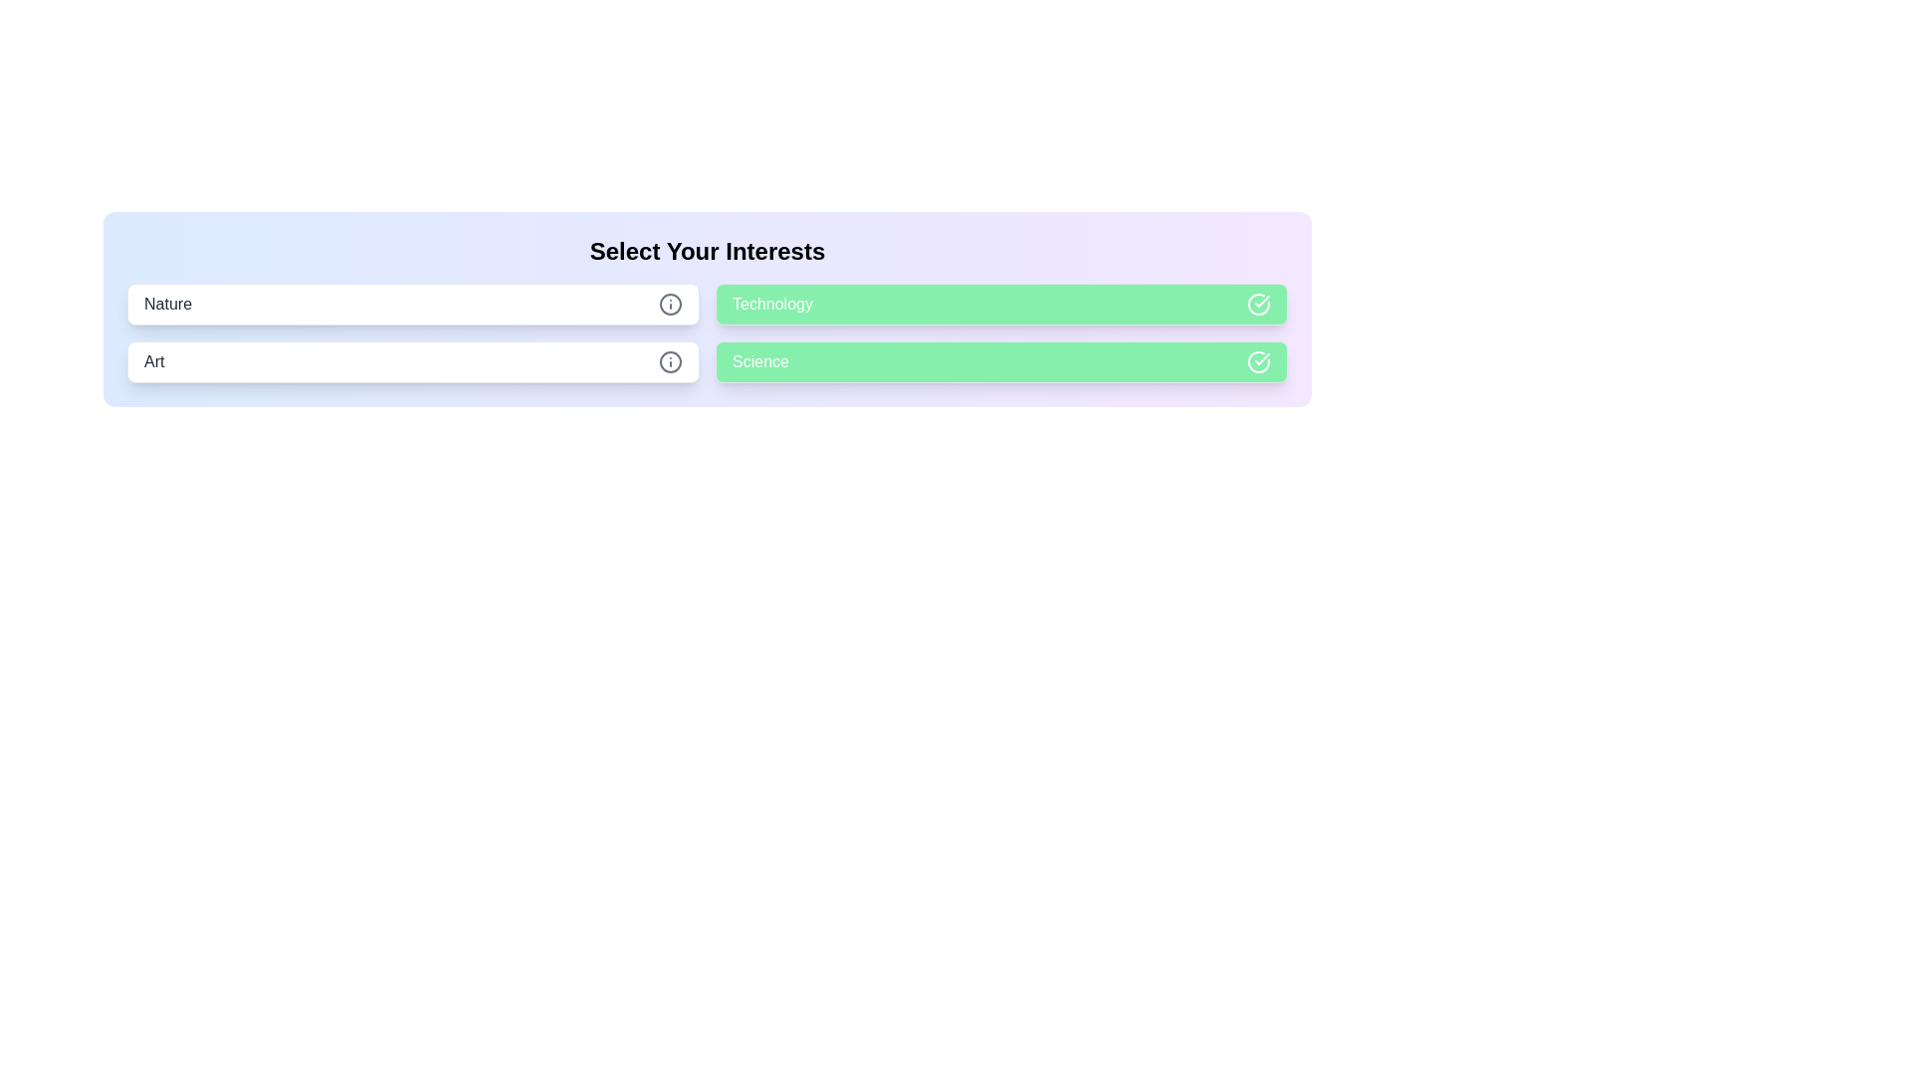 The width and height of the screenshot is (1911, 1075). Describe the element at coordinates (412, 304) in the screenshot. I see `the chip labeled 'Nature'` at that location.